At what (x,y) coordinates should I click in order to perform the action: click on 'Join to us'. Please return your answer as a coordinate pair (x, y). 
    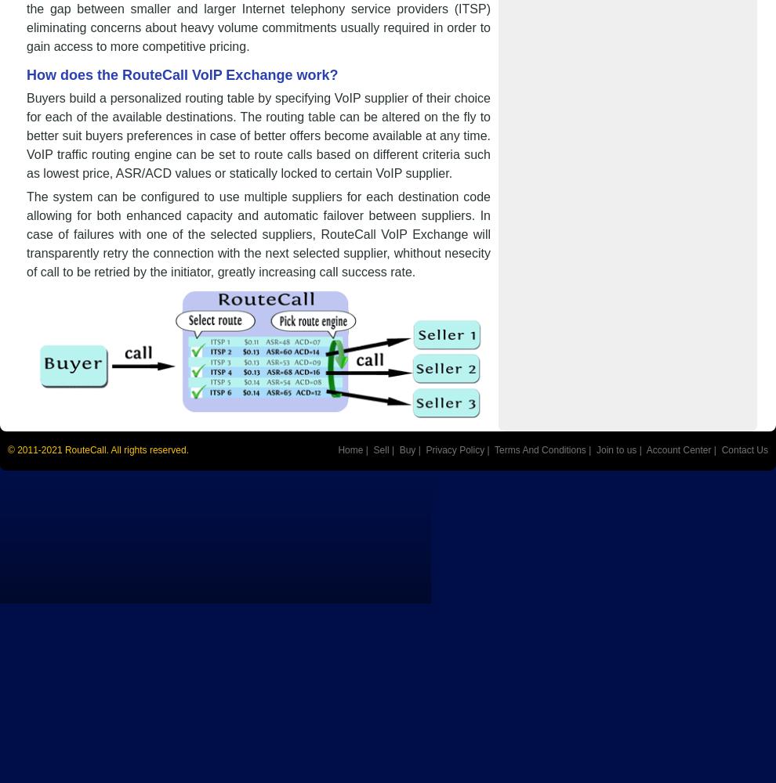
    Looking at the image, I should click on (596, 449).